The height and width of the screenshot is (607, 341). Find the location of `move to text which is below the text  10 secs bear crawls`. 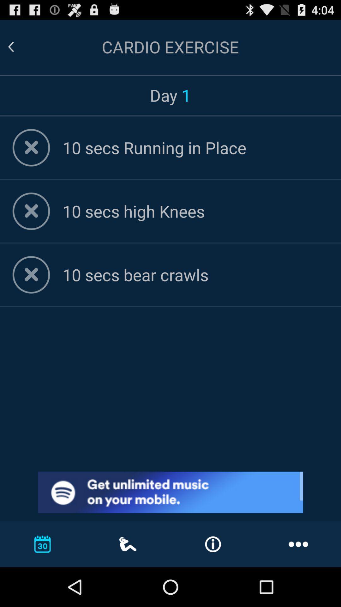

move to text which is below the text  10 secs bear crawls is located at coordinates (195, 274).